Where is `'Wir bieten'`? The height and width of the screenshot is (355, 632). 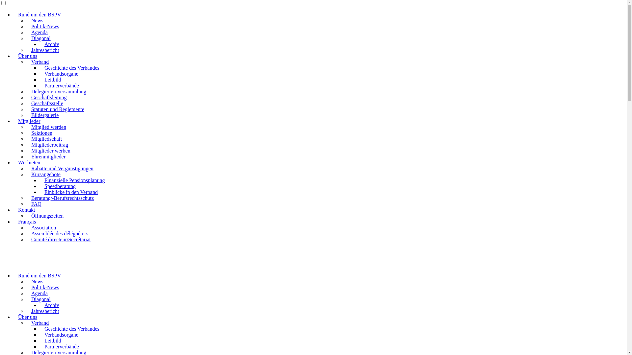
'Wir bieten' is located at coordinates (29, 162).